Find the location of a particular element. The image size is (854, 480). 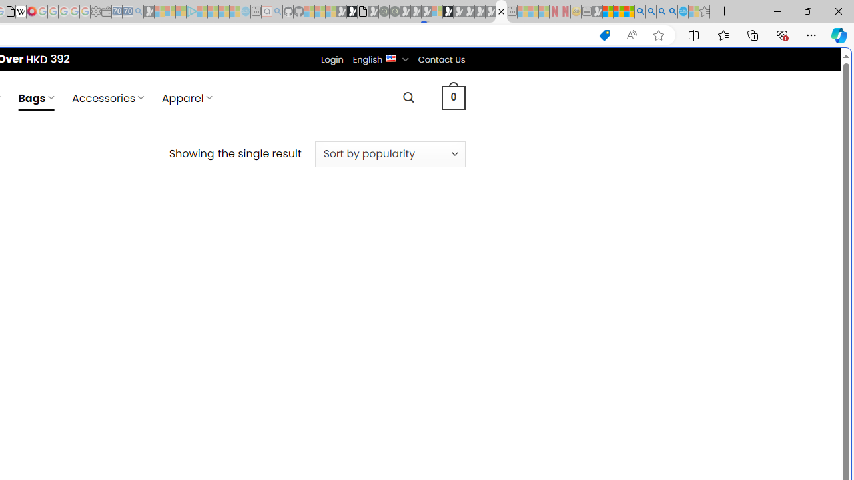

'Bing AI - Search' is located at coordinates (639, 11).